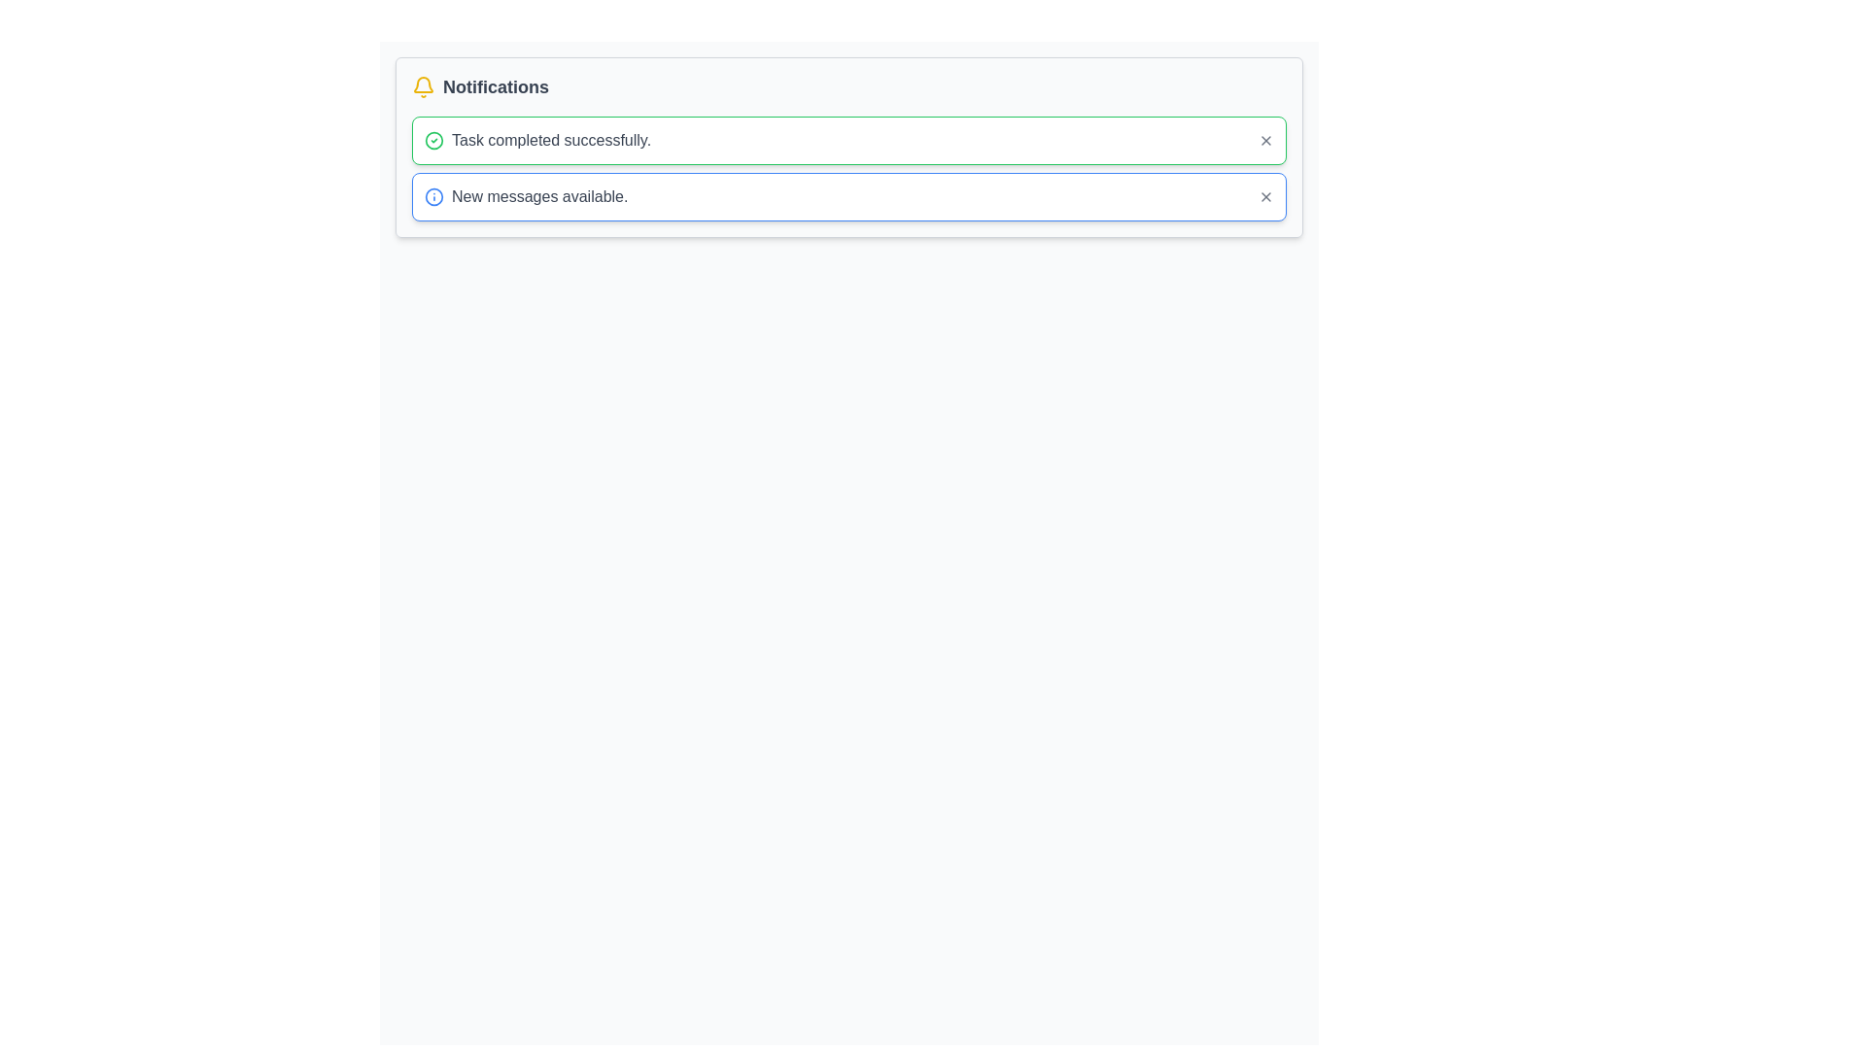 The height and width of the screenshot is (1049, 1866). I want to click on the Text Label element displaying 'New messages available.' which is located within a notification card, to the right of the blue information icon, so click(539, 197).